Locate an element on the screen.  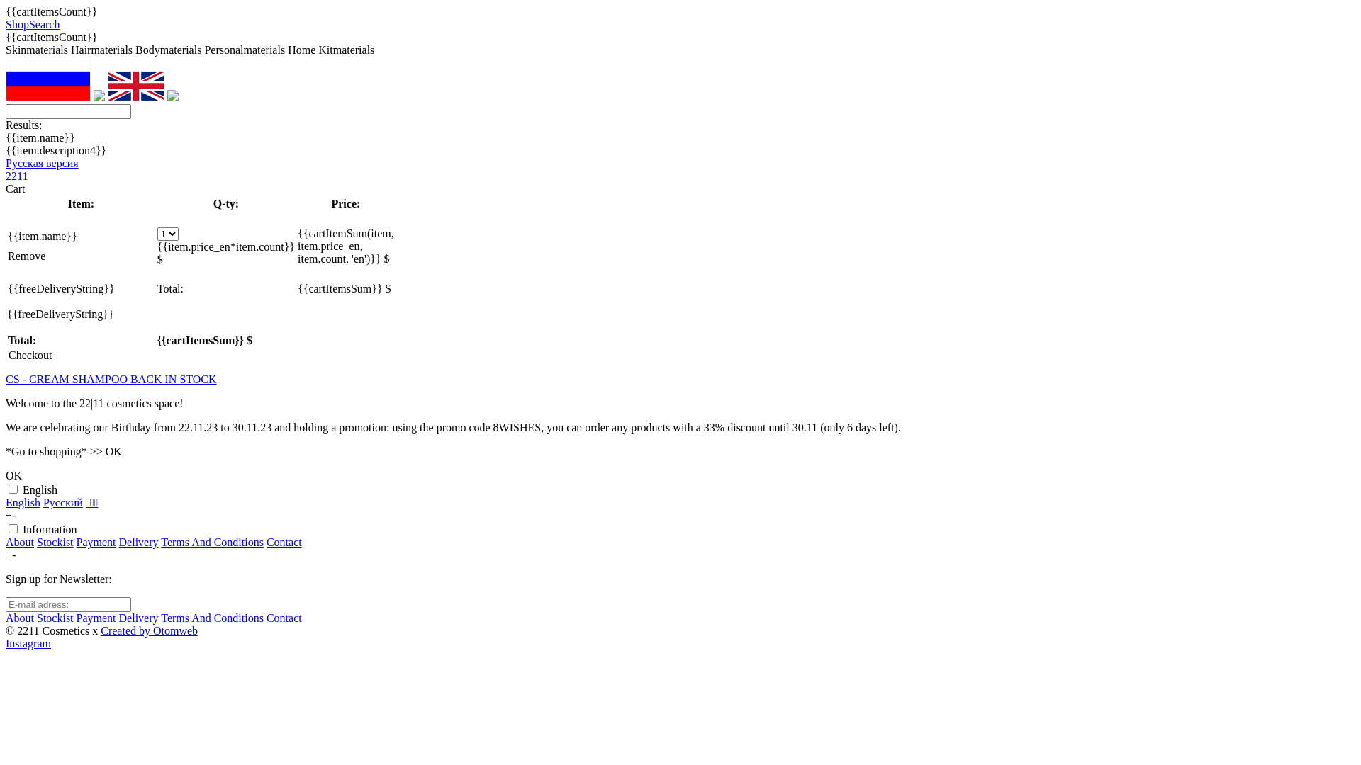
'Personalmaterials' is located at coordinates (245, 49).